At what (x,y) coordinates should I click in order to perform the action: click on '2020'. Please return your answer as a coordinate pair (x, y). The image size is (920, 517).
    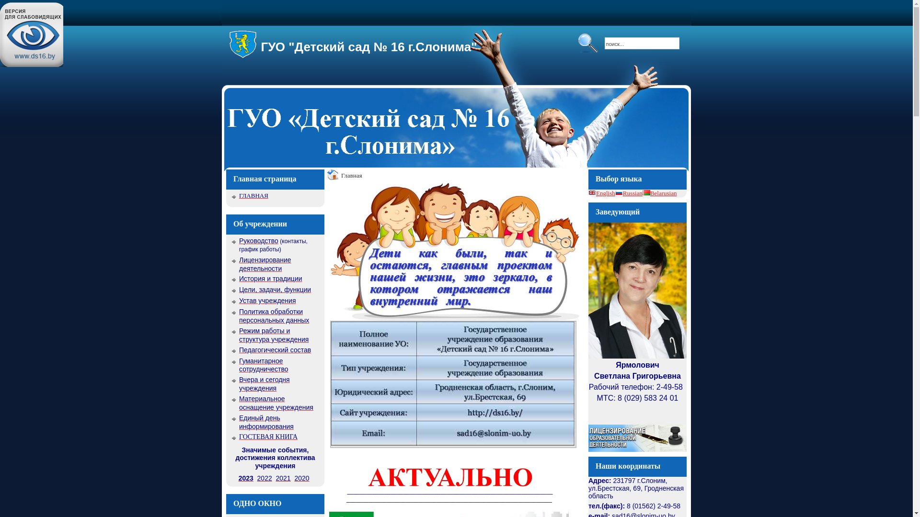
    Looking at the image, I should click on (301, 478).